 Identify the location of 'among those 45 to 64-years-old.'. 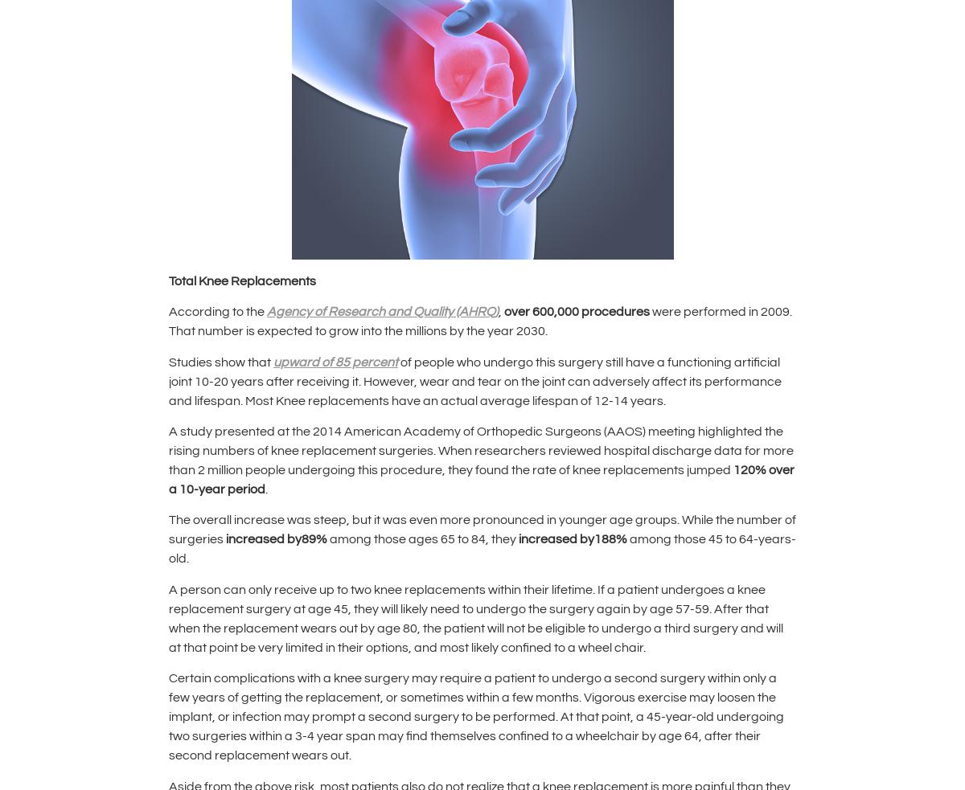
(482, 547).